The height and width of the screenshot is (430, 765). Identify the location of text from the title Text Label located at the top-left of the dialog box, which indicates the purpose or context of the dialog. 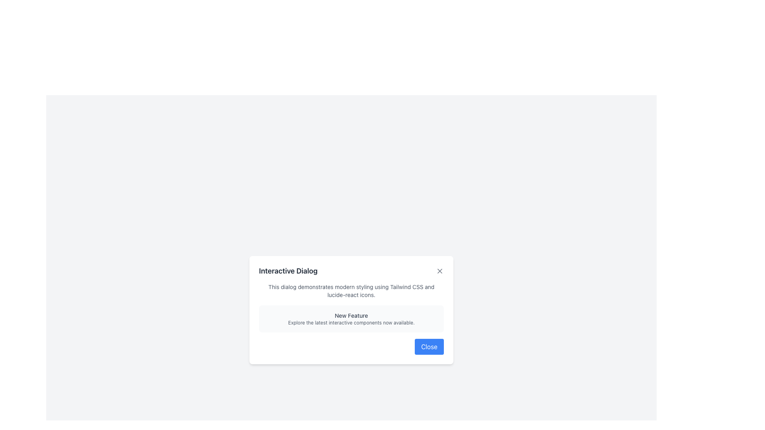
(288, 271).